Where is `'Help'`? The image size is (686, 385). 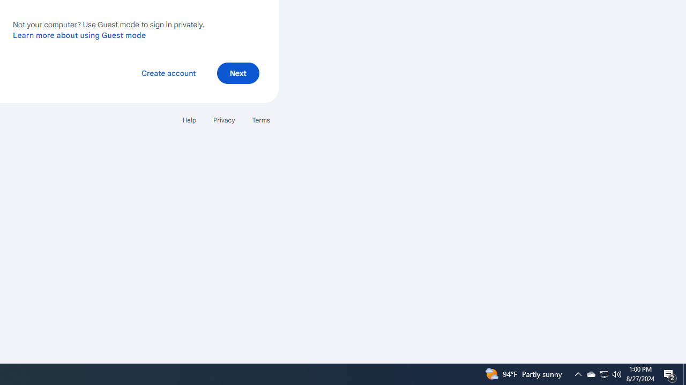
'Help' is located at coordinates (189, 120).